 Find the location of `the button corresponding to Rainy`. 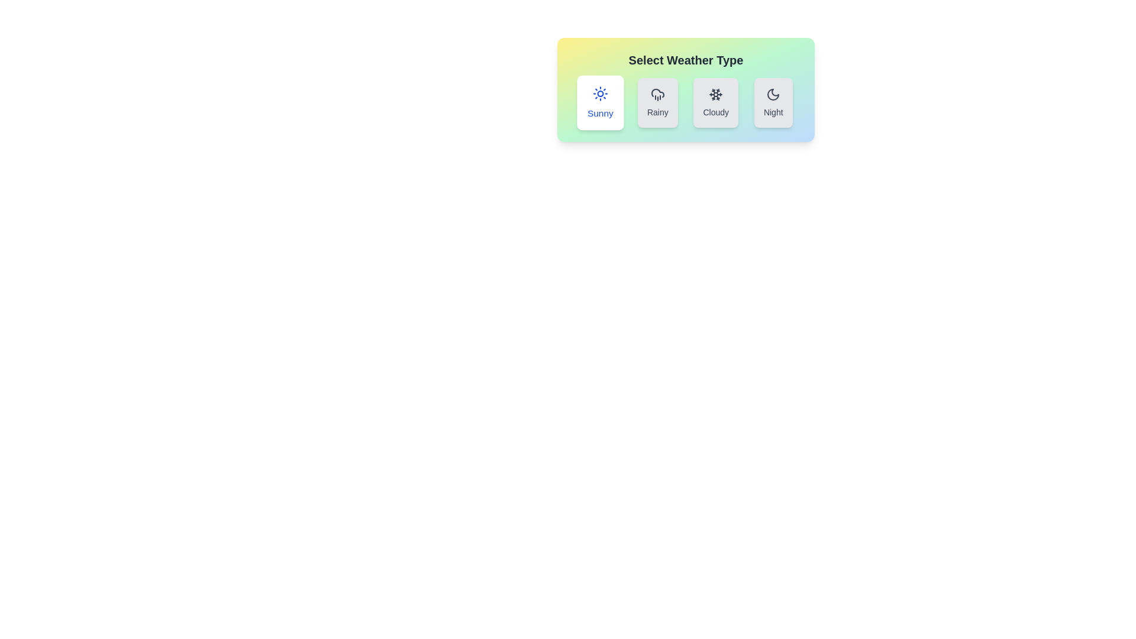

the button corresponding to Rainy is located at coordinates (657, 102).